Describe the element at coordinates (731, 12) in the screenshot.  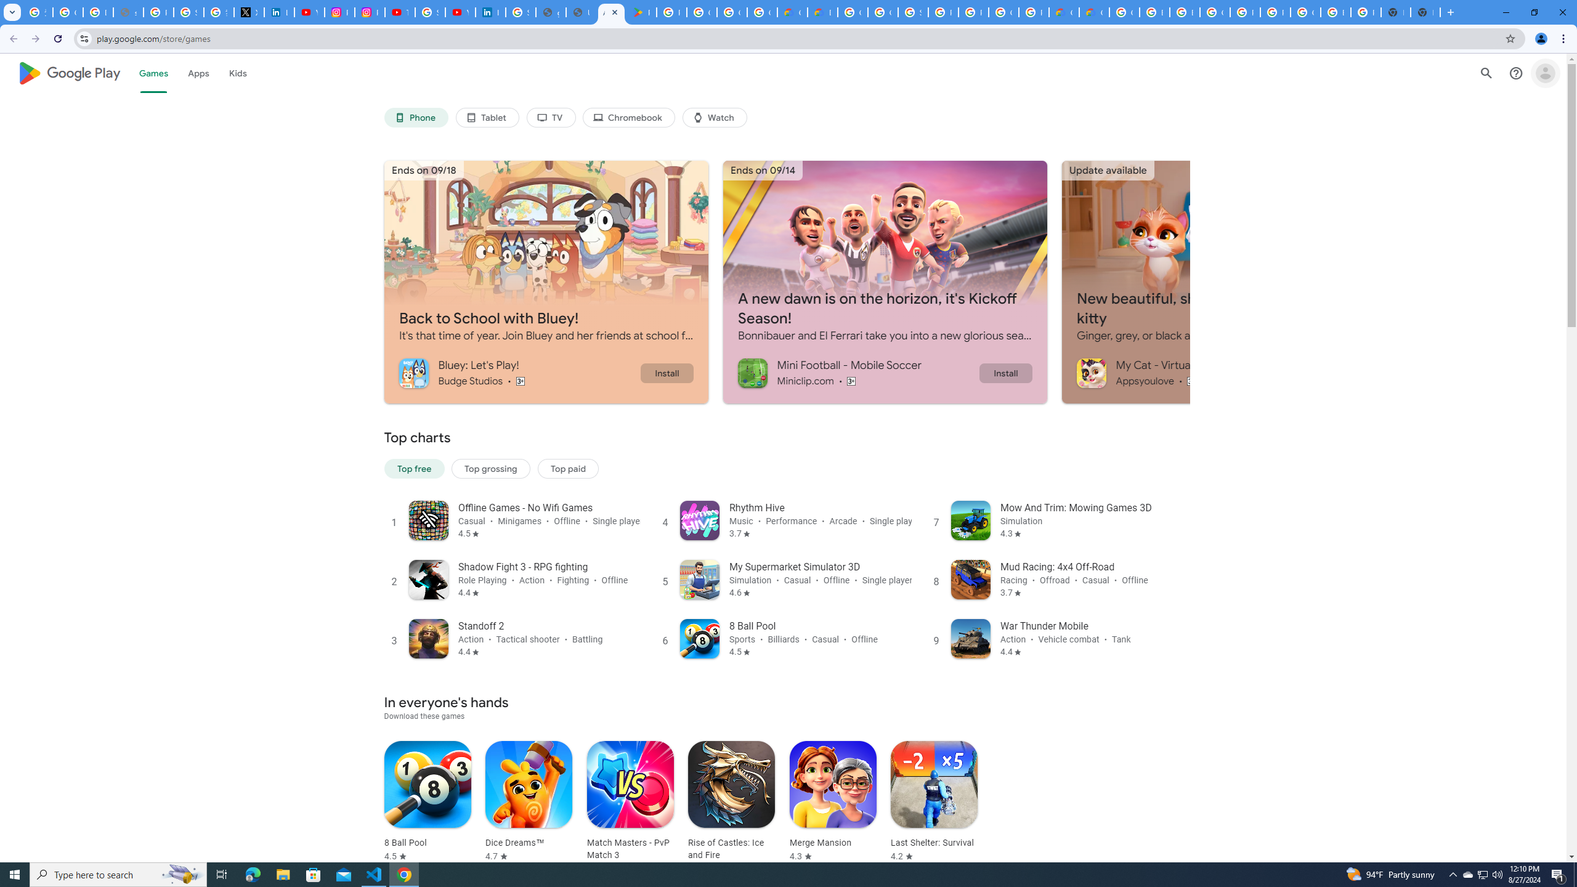
I see `'Google Workspace - Specific Terms'` at that location.